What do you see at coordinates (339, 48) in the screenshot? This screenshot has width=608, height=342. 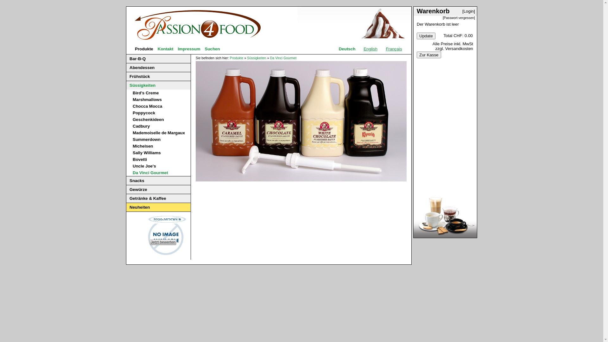 I see `'Deutsch'` at bounding box center [339, 48].